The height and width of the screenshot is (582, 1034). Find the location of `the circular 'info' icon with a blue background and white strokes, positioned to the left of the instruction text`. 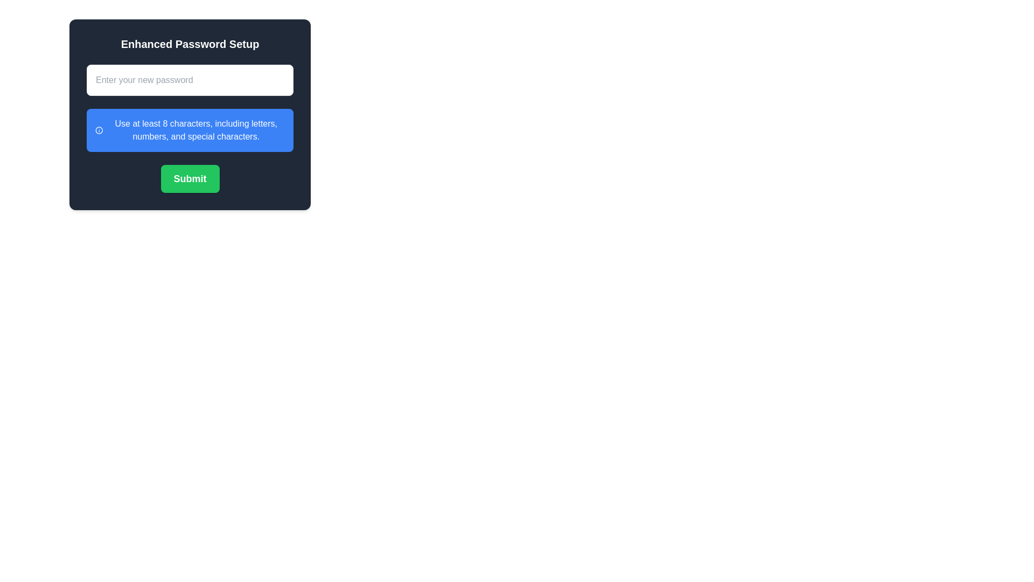

the circular 'info' icon with a blue background and white strokes, positioned to the left of the instruction text is located at coordinates (99, 130).